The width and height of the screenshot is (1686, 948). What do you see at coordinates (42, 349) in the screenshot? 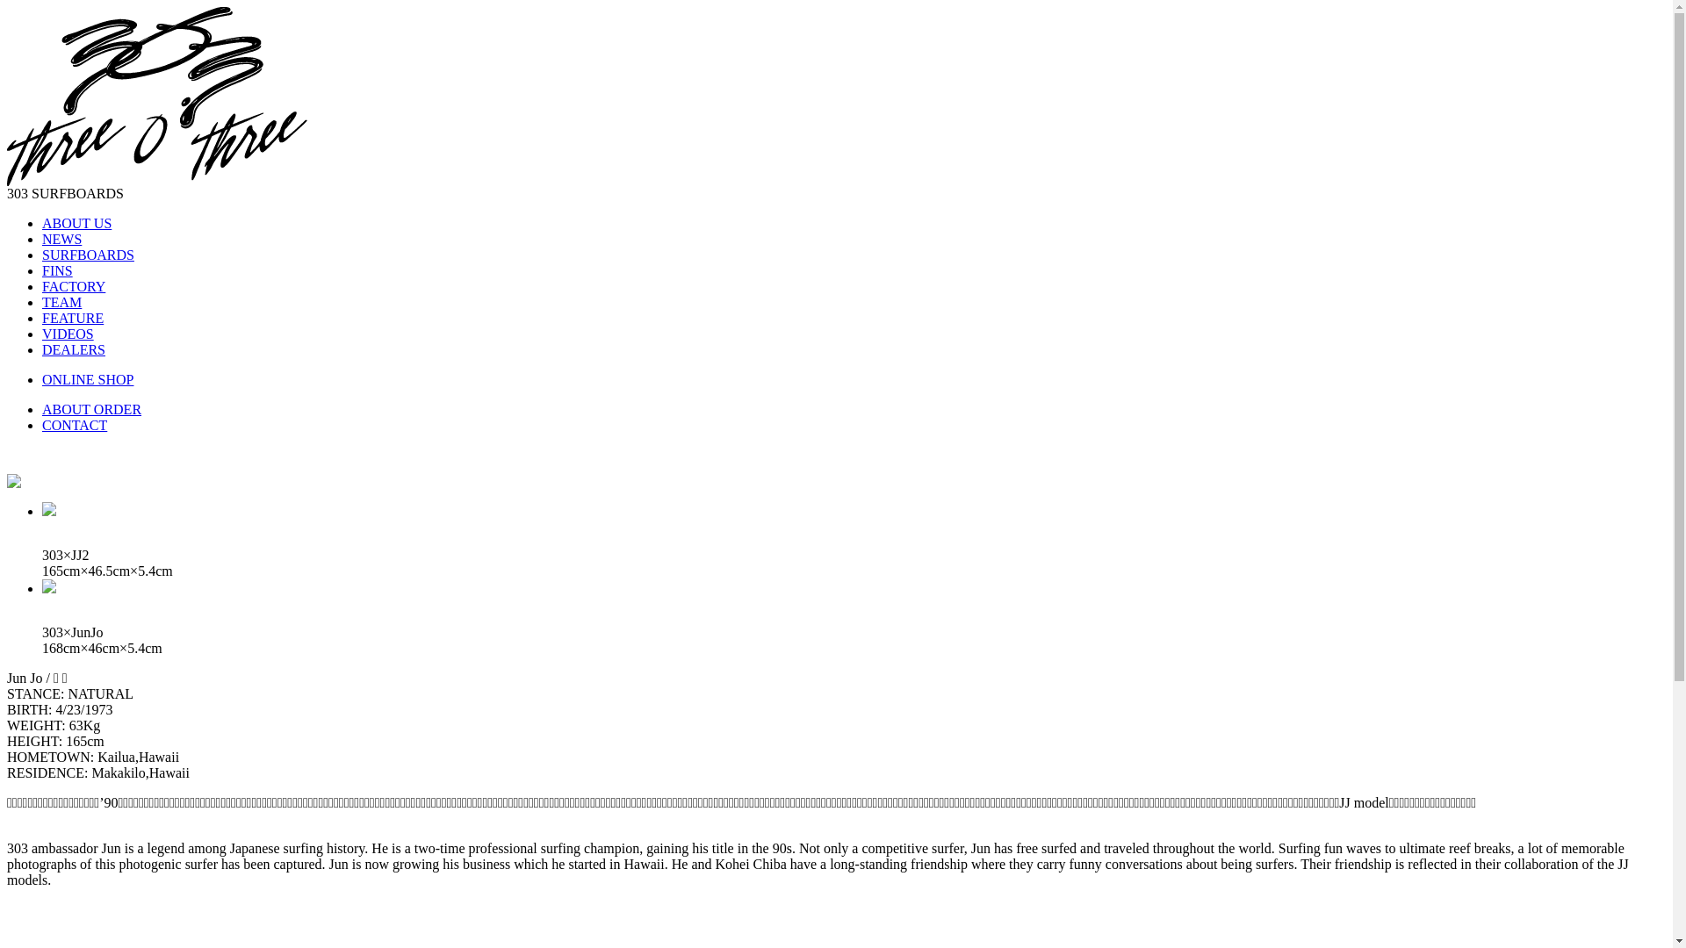
I see `'DEALERS'` at bounding box center [42, 349].